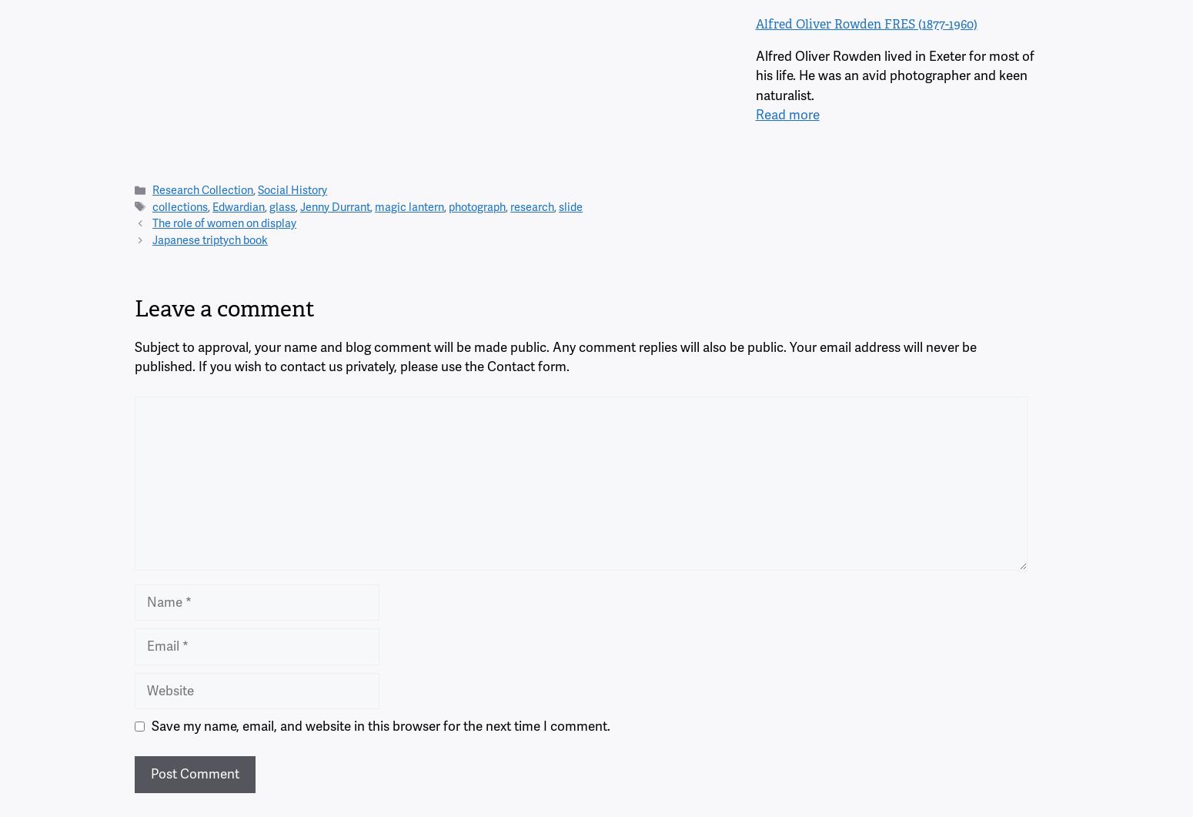 The width and height of the screenshot is (1193, 817). Describe the element at coordinates (224, 222) in the screenshot. I see `'The role of women on display'` at that location.